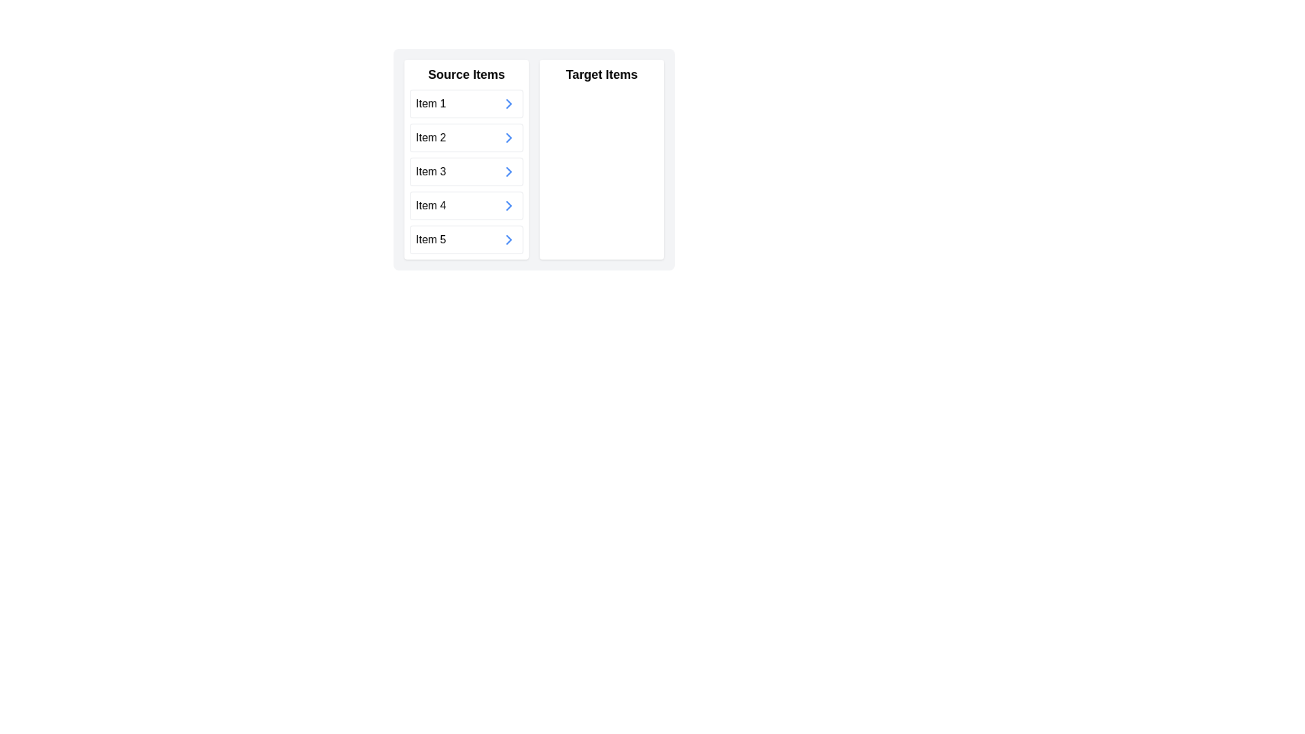  What do you see at coordinates (508, 171) in the screenshot?
I see `the rightward-facing arrow icon inside the 'Item 3' row` at bounding box center [508, 171].